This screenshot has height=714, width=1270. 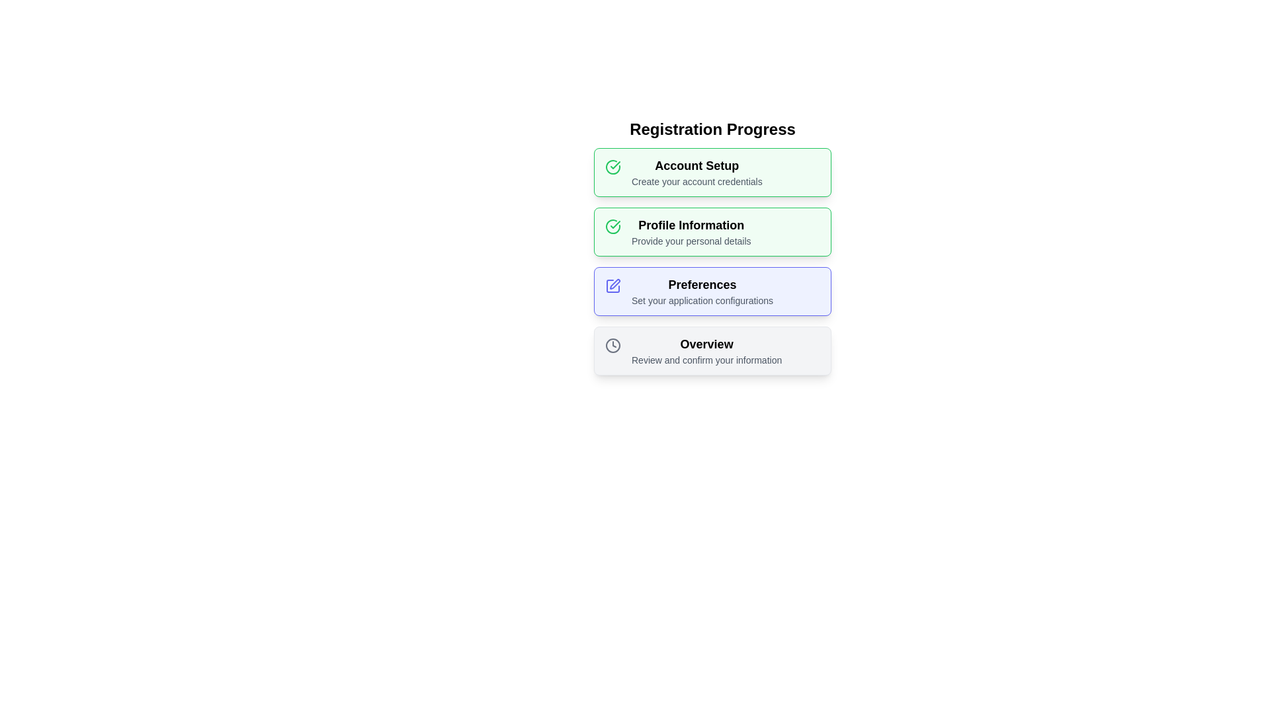 What do you see at coordinates (706, 350) in the screenshot?
I see `the non-interactive text block that summarizes and confirms user input in the registration process, located at the bottom of the registration progress section` at bounding box center [706, 350].